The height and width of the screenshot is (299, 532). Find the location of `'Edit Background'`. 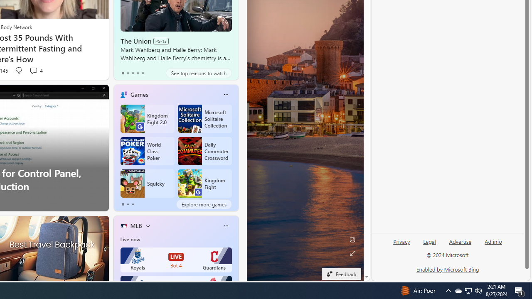

'Edit Background' is located at coordinates (352, 240).